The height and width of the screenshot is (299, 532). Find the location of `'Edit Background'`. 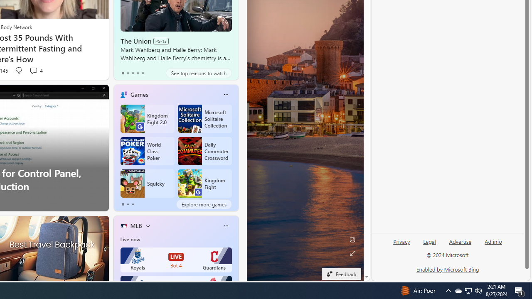

'Edit Background' is located at coordinates (352, 240).